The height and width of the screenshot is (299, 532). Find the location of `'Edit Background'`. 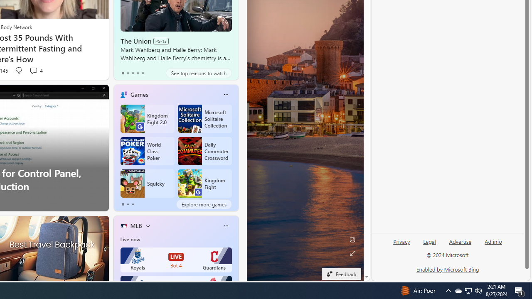

'Edit Background' is located at coordinates (352, 240).